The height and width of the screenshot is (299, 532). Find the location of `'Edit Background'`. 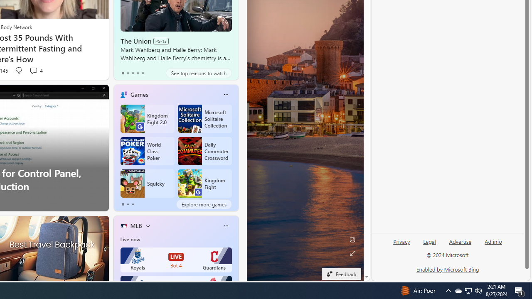

'Edit Background' is located at coordinates (352, 240).